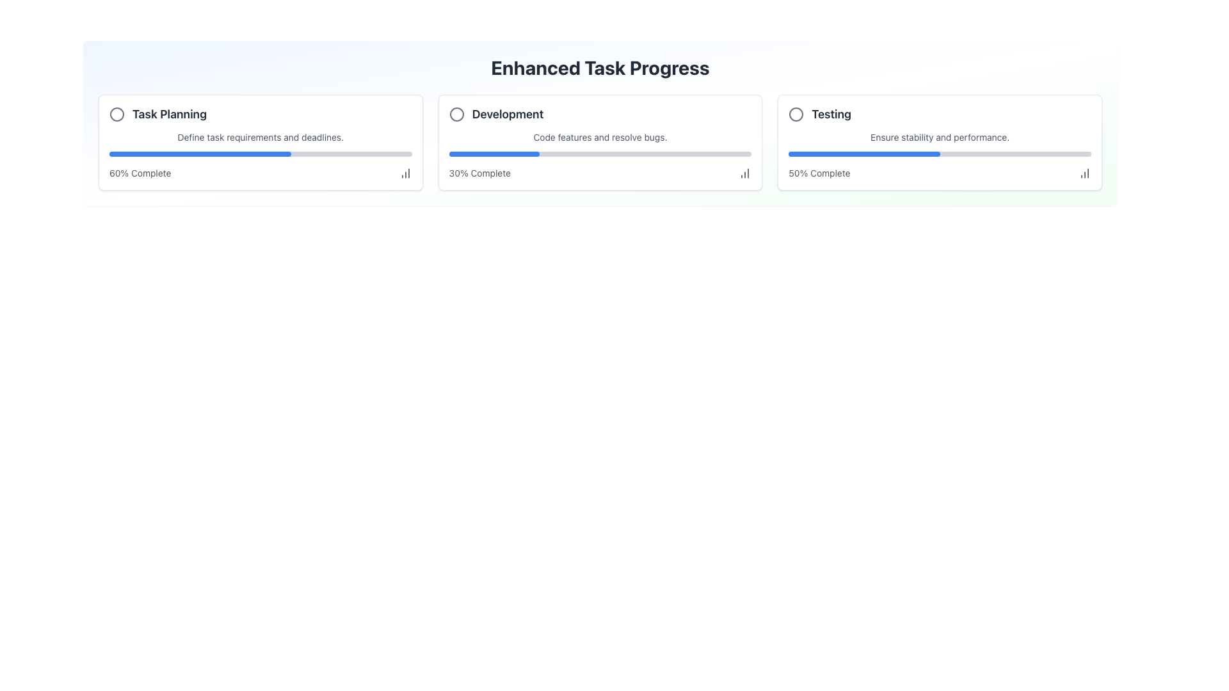  Describe the element at coordinates (599, 138) in the screenshot. I see `the static text that describes tasks related to the development section, located in the center card of a three-card layout, beneath the 'Development' heading and above a blue progress bar` at that location.